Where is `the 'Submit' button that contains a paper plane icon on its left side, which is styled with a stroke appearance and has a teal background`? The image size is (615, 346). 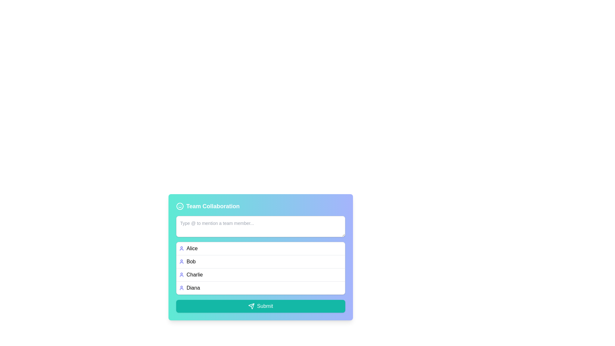
the 'Submit' button that contains a paper plane icon on its left side, which is styled with a stroke appearance and has a teal background is located at coordinates (251, 306).